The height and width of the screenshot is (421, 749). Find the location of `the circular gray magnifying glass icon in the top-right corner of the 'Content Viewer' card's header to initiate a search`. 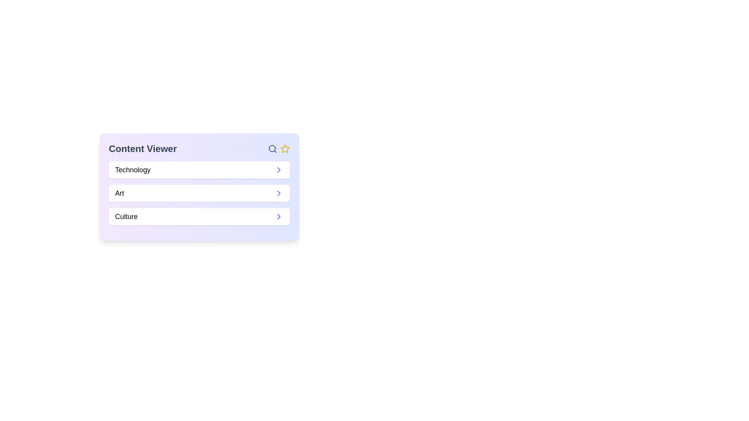

the circular gray magnifying glass icon in the top-right corner of the 'Content Viewer' card's header to initiate a search is located at coordinates (273, 149).